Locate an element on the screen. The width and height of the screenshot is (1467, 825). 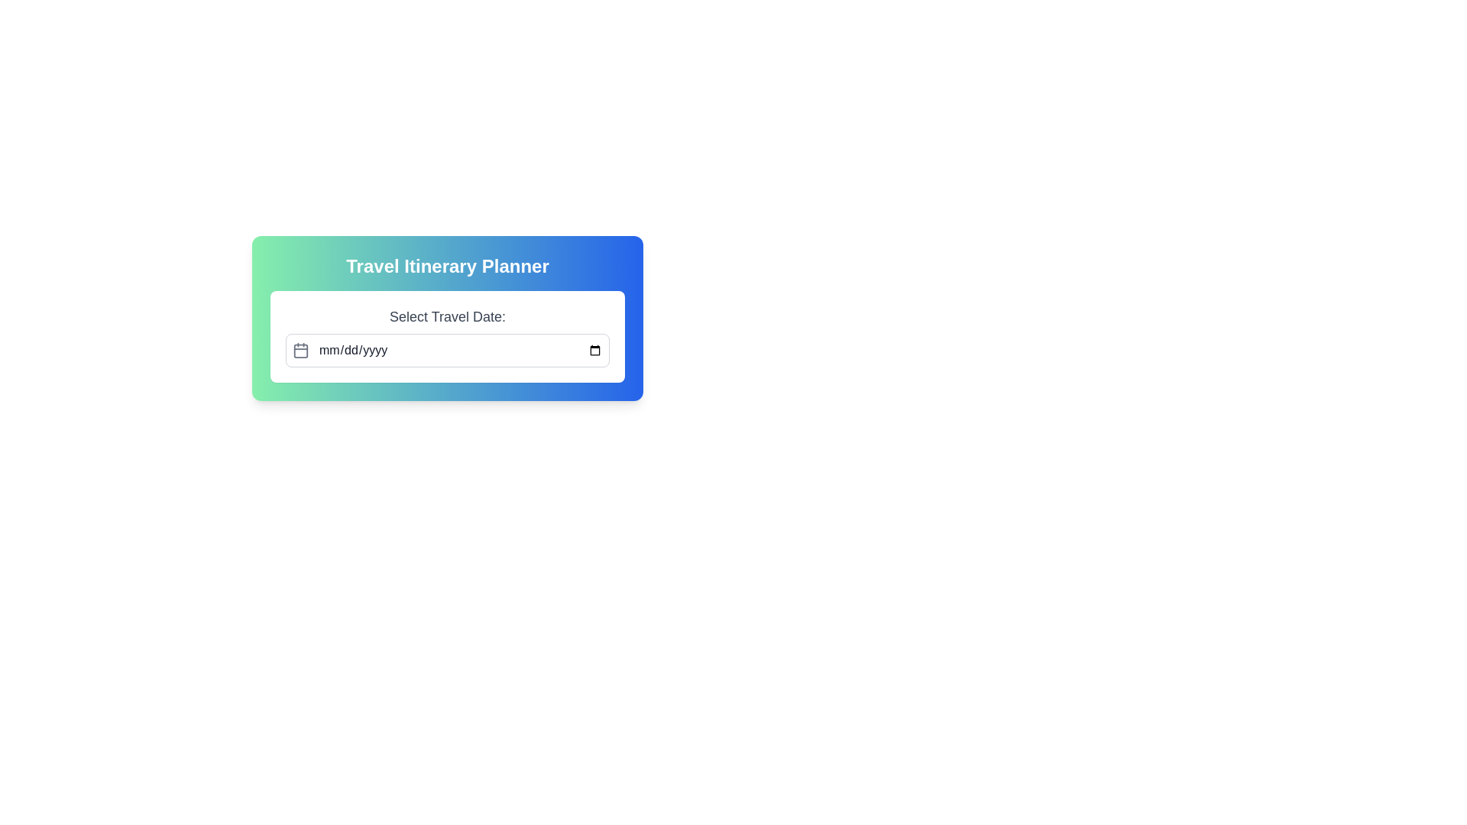
the text label that serves as a descriptor for the date selection field, which is centrally located above the date input field with a calendar icon is located at coordinates (446, 316).